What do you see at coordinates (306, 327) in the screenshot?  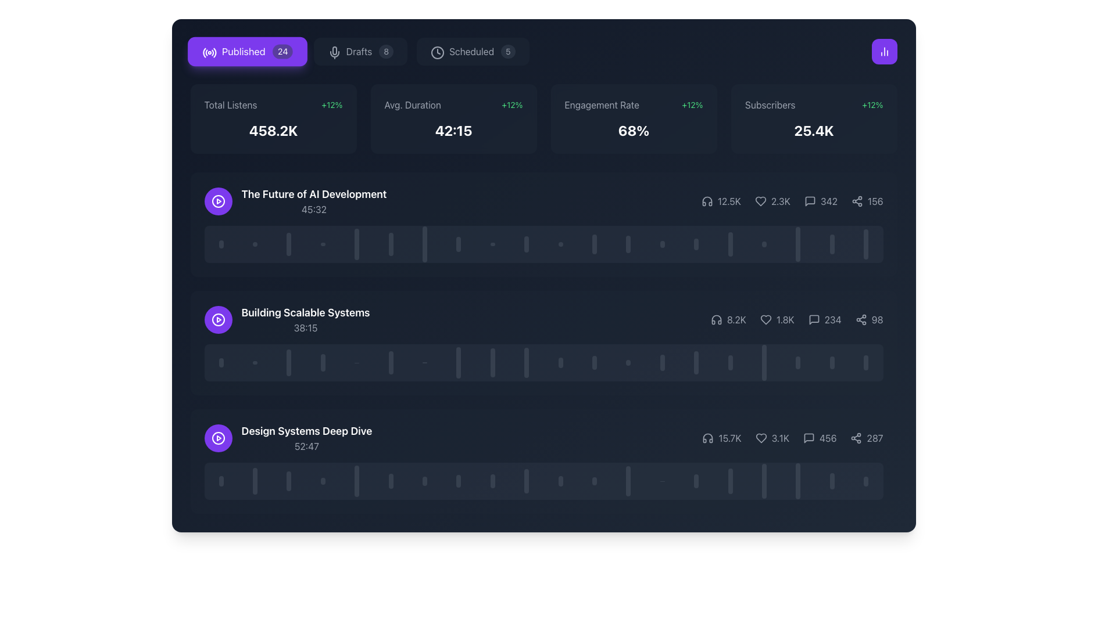 I see `the text label indicating the time duration for 'Building Scalable Systems', which is positioned beneath and aligned to the right of the title text` at bounding box center [306, 327].